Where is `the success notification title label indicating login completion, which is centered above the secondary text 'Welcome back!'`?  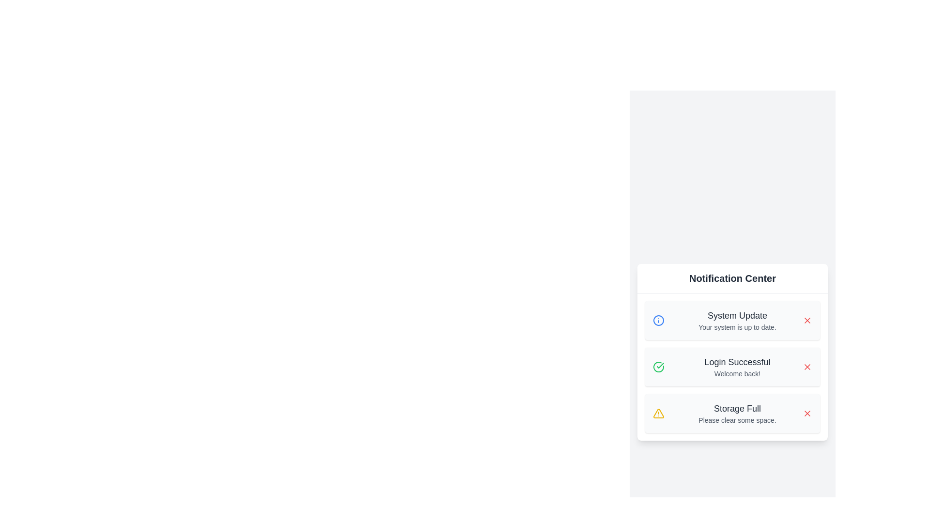
the success notification title label indicating login completion, which is centered above the secondary text 'Welcome back!' is located at coordinates (737, 362).